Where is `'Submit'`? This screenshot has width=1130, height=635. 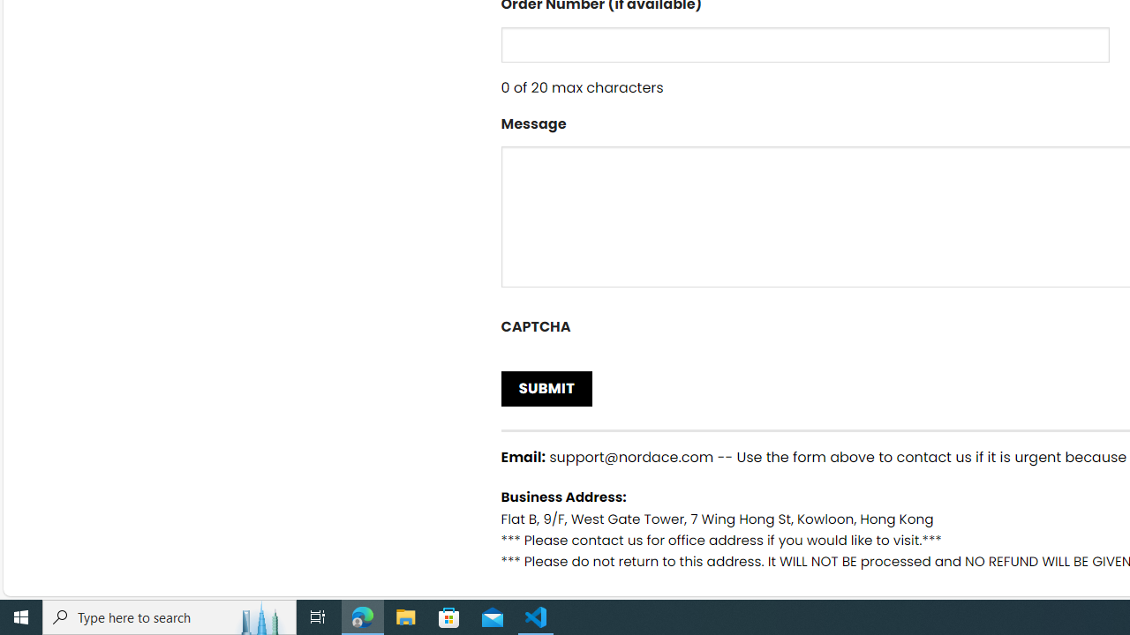 'Submit' is located at coordinates (546, 387).